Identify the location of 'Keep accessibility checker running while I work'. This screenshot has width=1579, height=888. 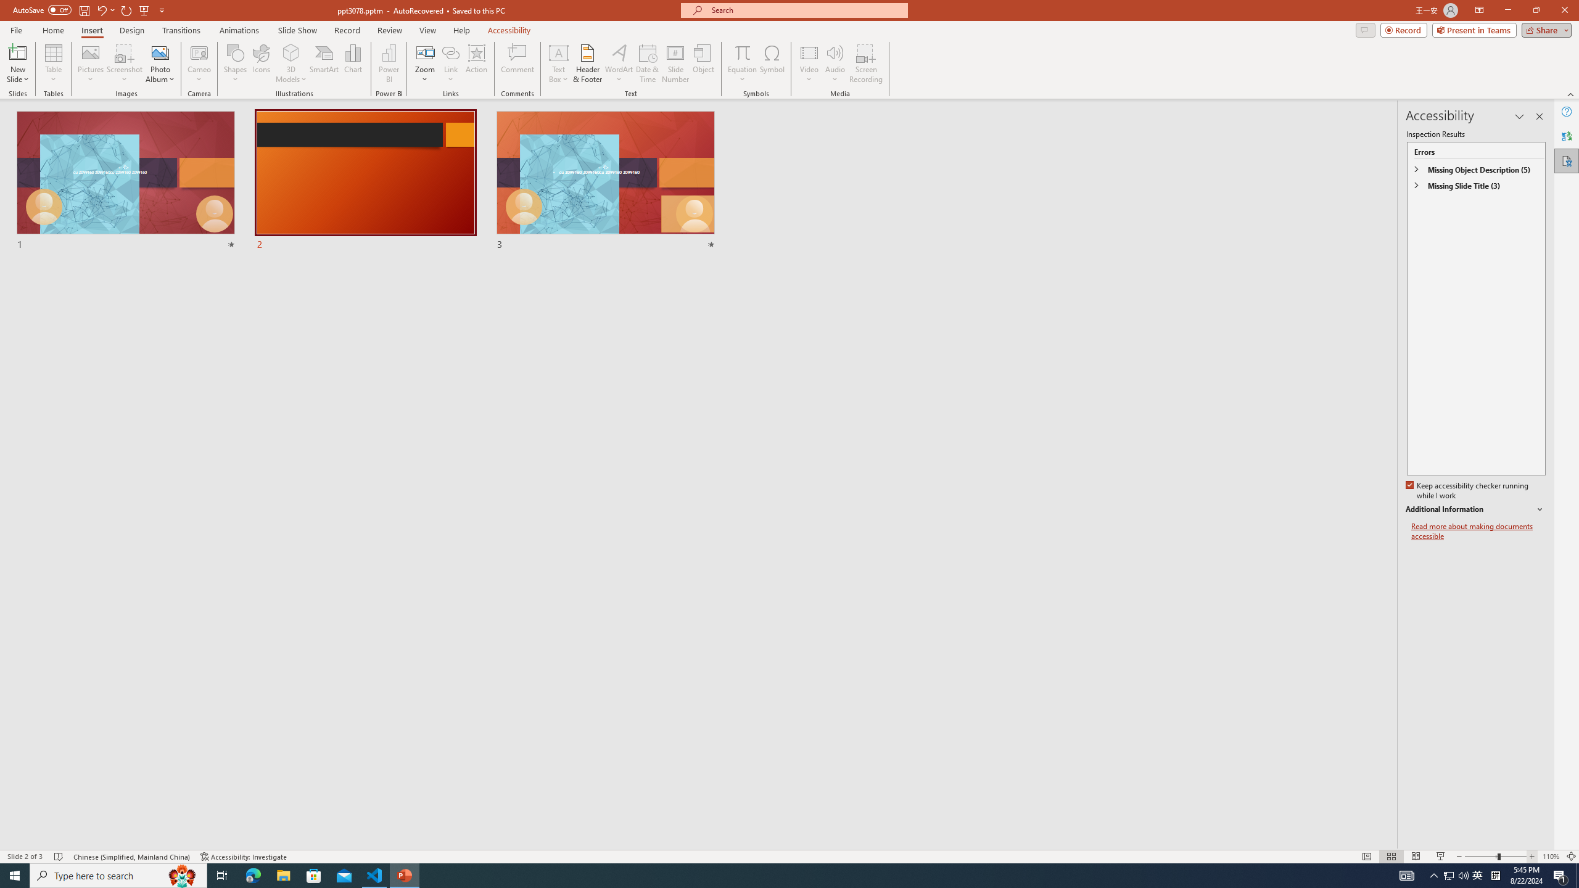
(1468, 491).